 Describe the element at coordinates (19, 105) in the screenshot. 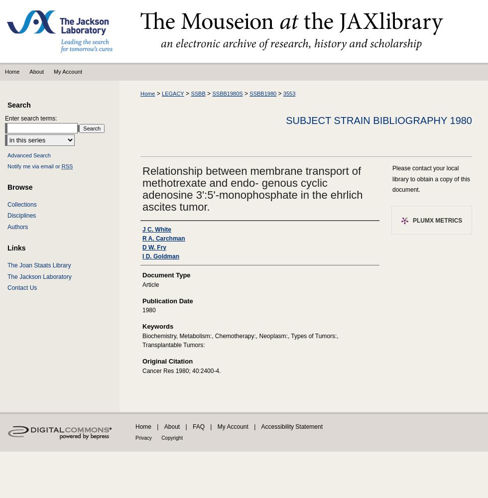

I see `'Search'` at that location.